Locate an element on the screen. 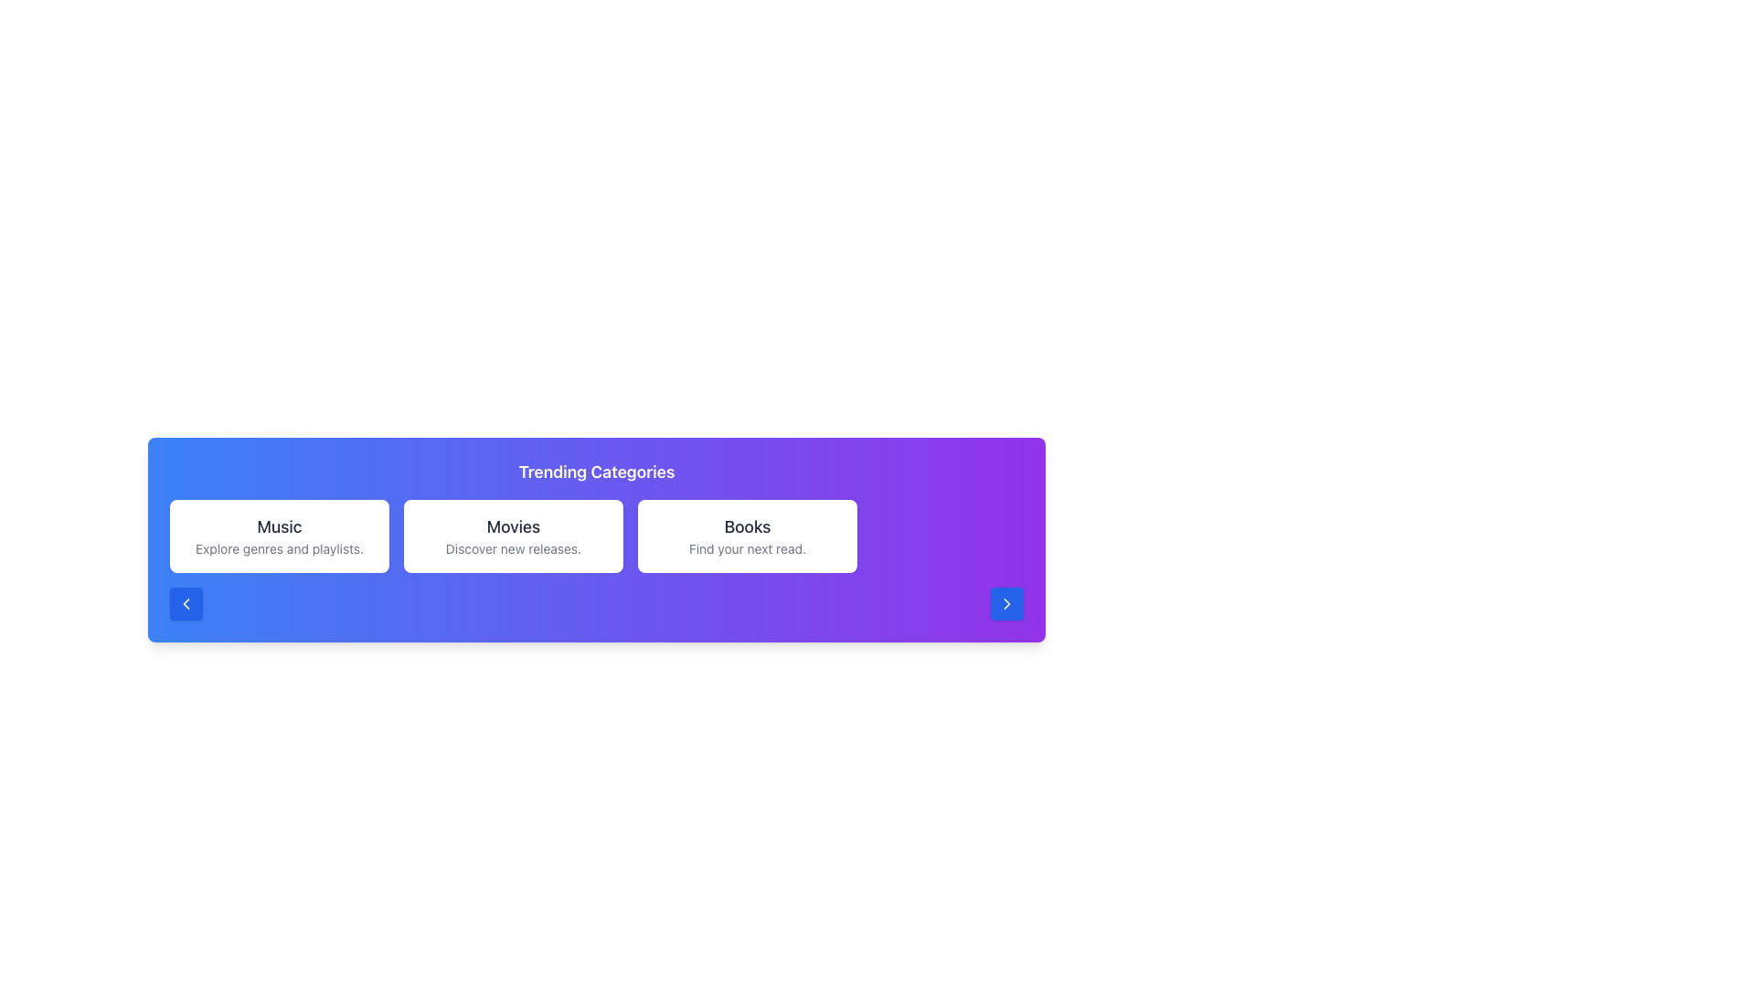 This screenshot has height=987, width=1755. the Chevron-Right icon located in the bottom-right corner of the blue-to-purple gradient section, adjacent to the white card labeled 'Books' is located at coordinates (1006, 603).